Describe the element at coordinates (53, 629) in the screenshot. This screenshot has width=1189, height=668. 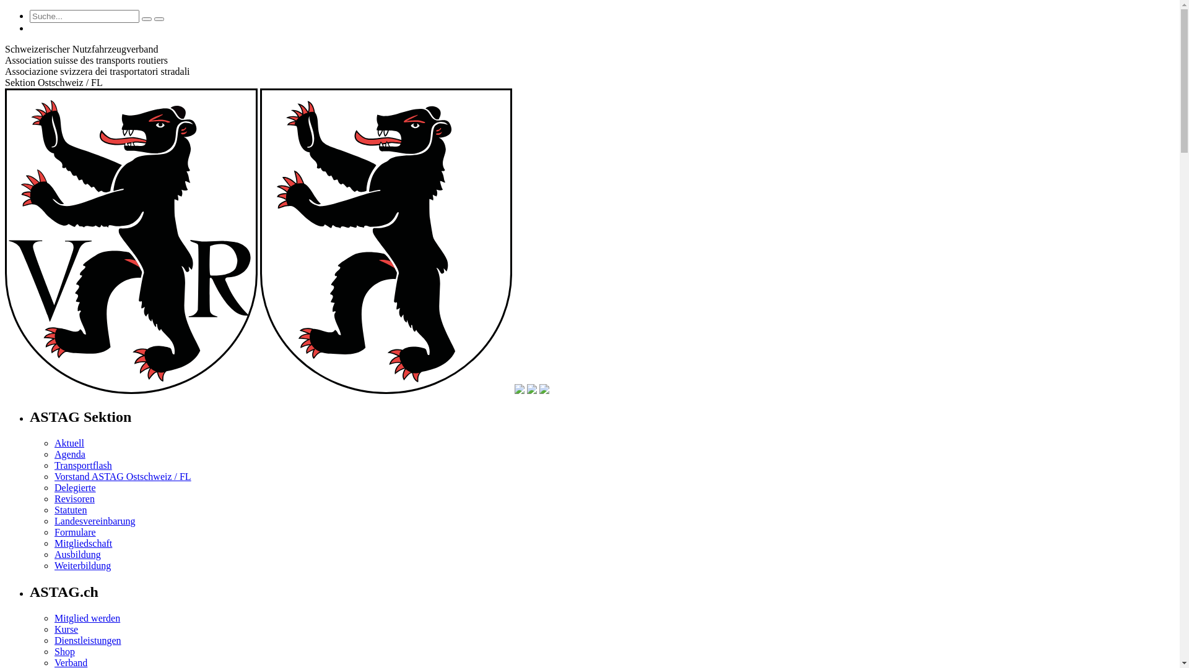
I see `'Kurse'` at that location.